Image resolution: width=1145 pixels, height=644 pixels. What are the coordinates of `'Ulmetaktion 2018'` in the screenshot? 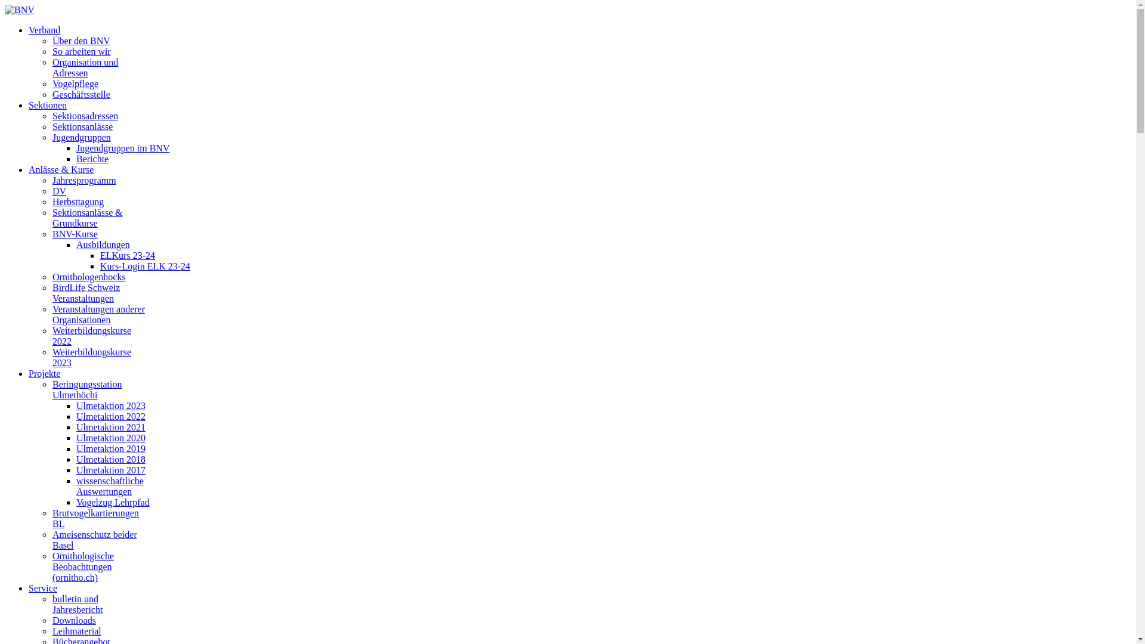 It's located at (111, 459).